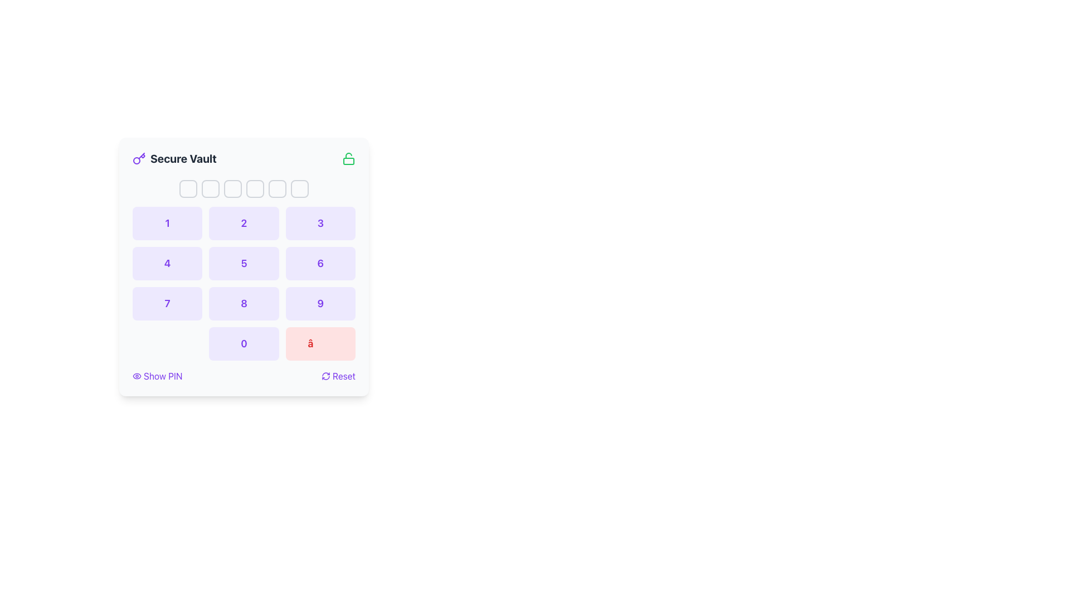 The height and width of the screenshot is (602, 1070). What do you see at coordinates (157, 376) in the screenshot?
I see `the 'Show PIN' button with an eye icon to change its visual style` at bounding box center [157, 376].